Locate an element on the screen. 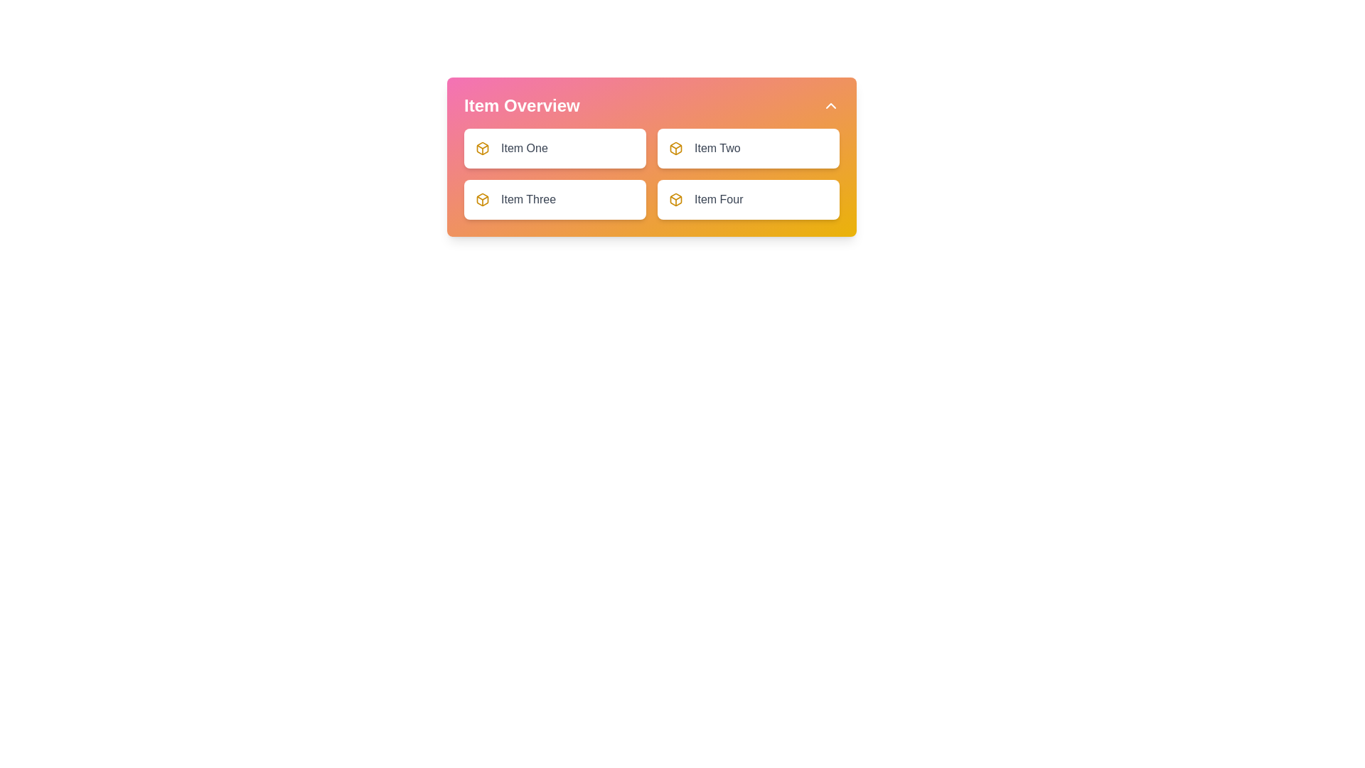 Image resolution: width=1365 pixels, height=768 pixels. the yellow hollow cube icon located to the left of 'Item Two' in the 'Item Overview' section is located at coordinates (675, 148).